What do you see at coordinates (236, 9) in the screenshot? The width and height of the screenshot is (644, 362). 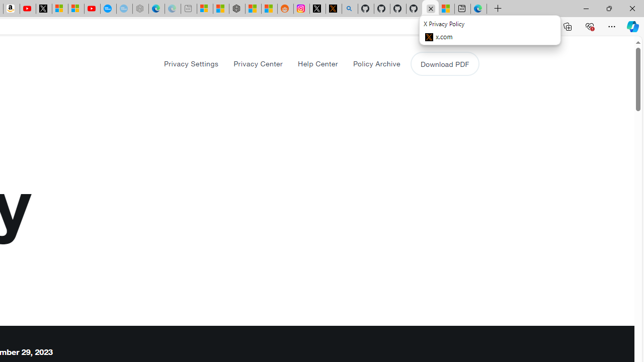 I see `'Nordace - Duffels'` at bounding box center [236, 9].